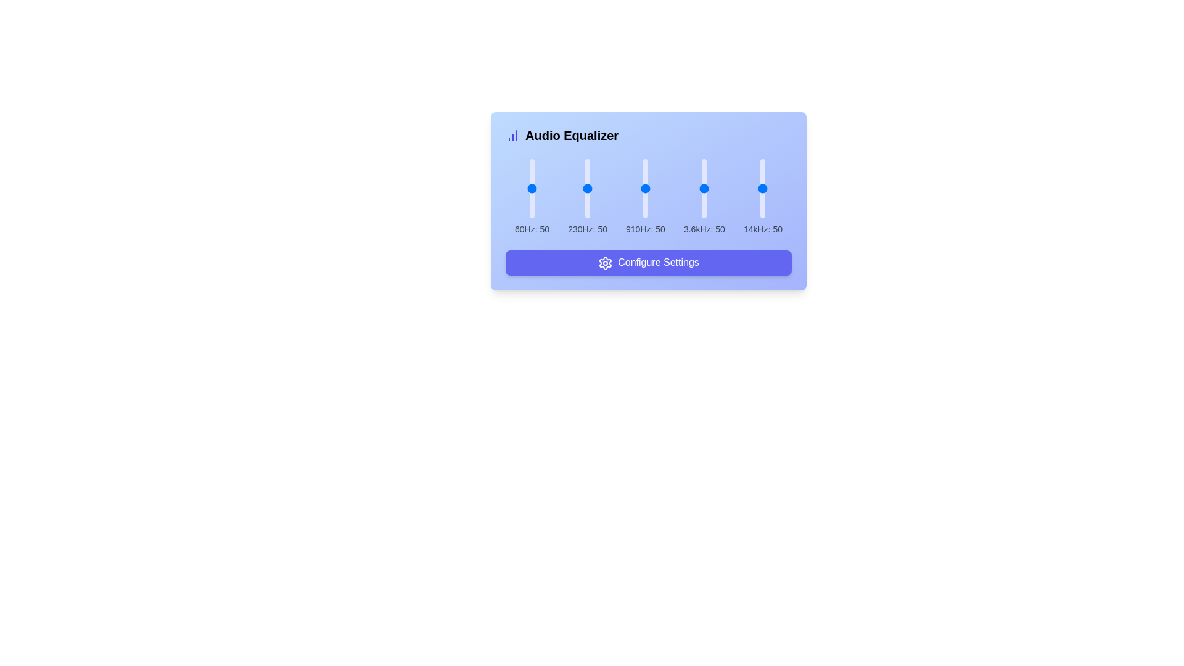 The width and height of the screenshot is (1184, 666). I want to click on the 230Hz band value, so click(587, 181).